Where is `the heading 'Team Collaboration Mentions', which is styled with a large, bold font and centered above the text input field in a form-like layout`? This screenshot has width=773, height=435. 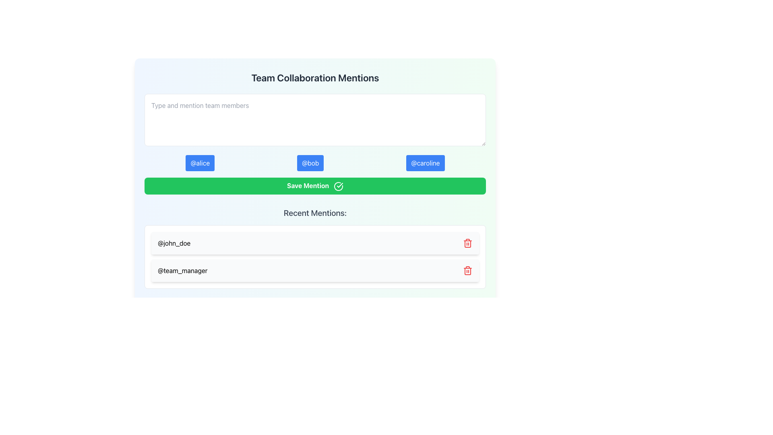 the heading 'Team Collaboration Mentions', which is styled with a large, bold font and centered above the text input field in a form-like layout is located at coordinates (314, 77).